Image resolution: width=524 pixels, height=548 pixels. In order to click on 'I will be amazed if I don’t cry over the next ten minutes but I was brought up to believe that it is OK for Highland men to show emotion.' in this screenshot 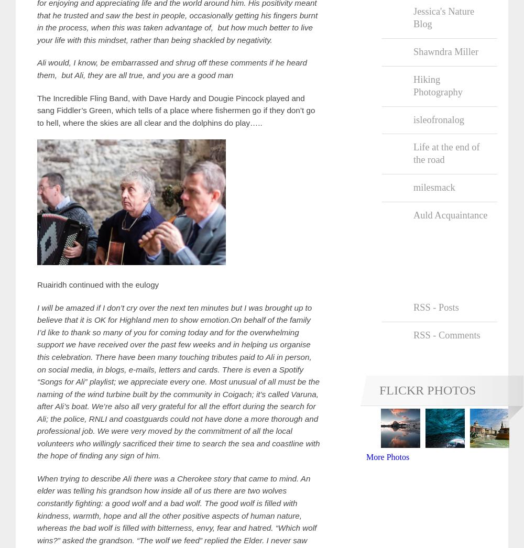, I will do `click(174, 313)`.